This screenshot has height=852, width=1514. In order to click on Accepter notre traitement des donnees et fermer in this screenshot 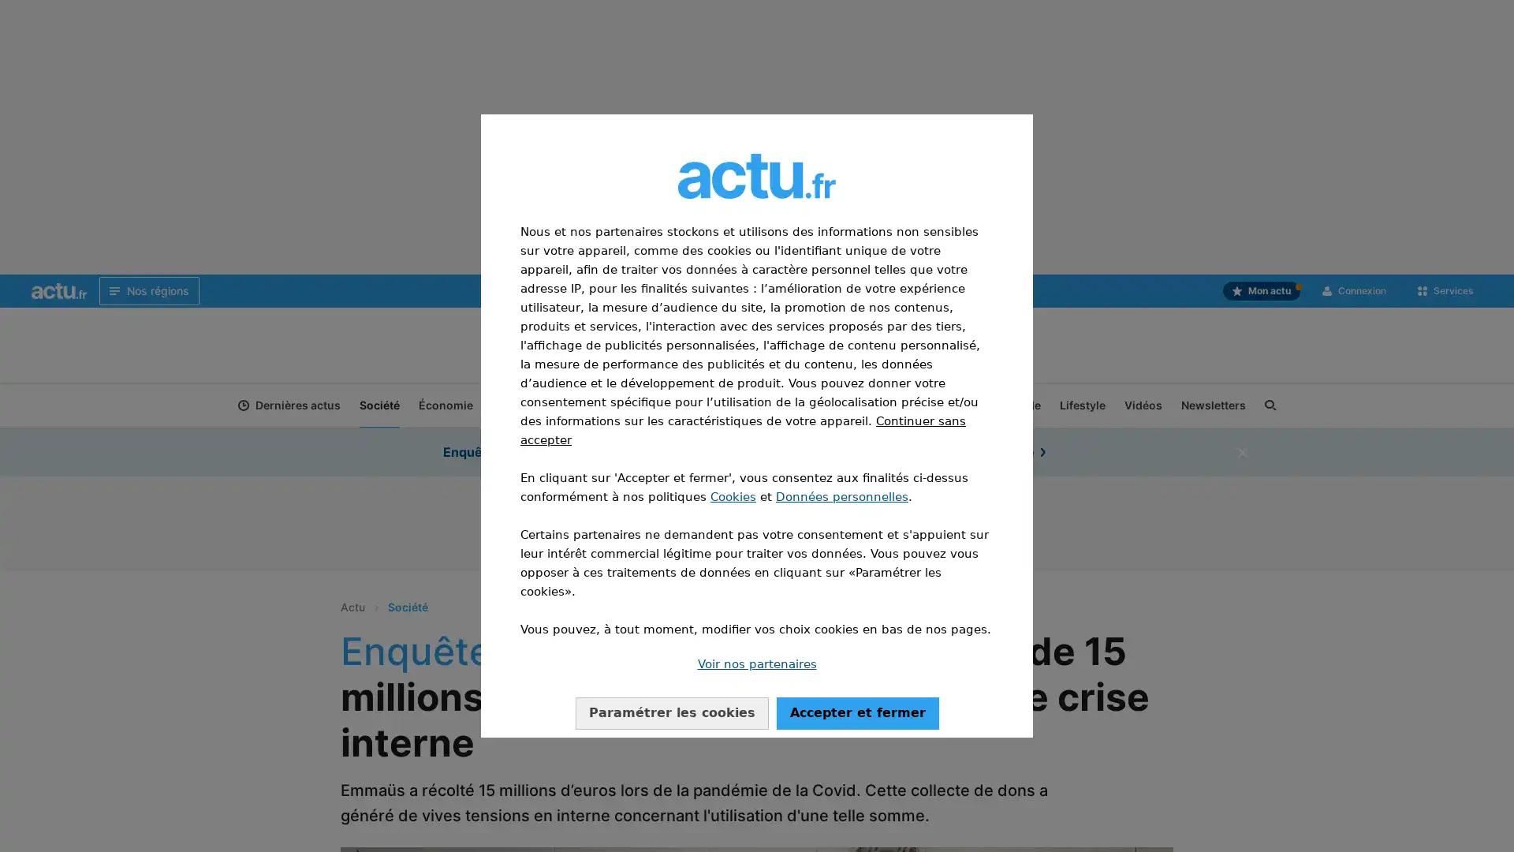, I will do `click(856, 712)`.